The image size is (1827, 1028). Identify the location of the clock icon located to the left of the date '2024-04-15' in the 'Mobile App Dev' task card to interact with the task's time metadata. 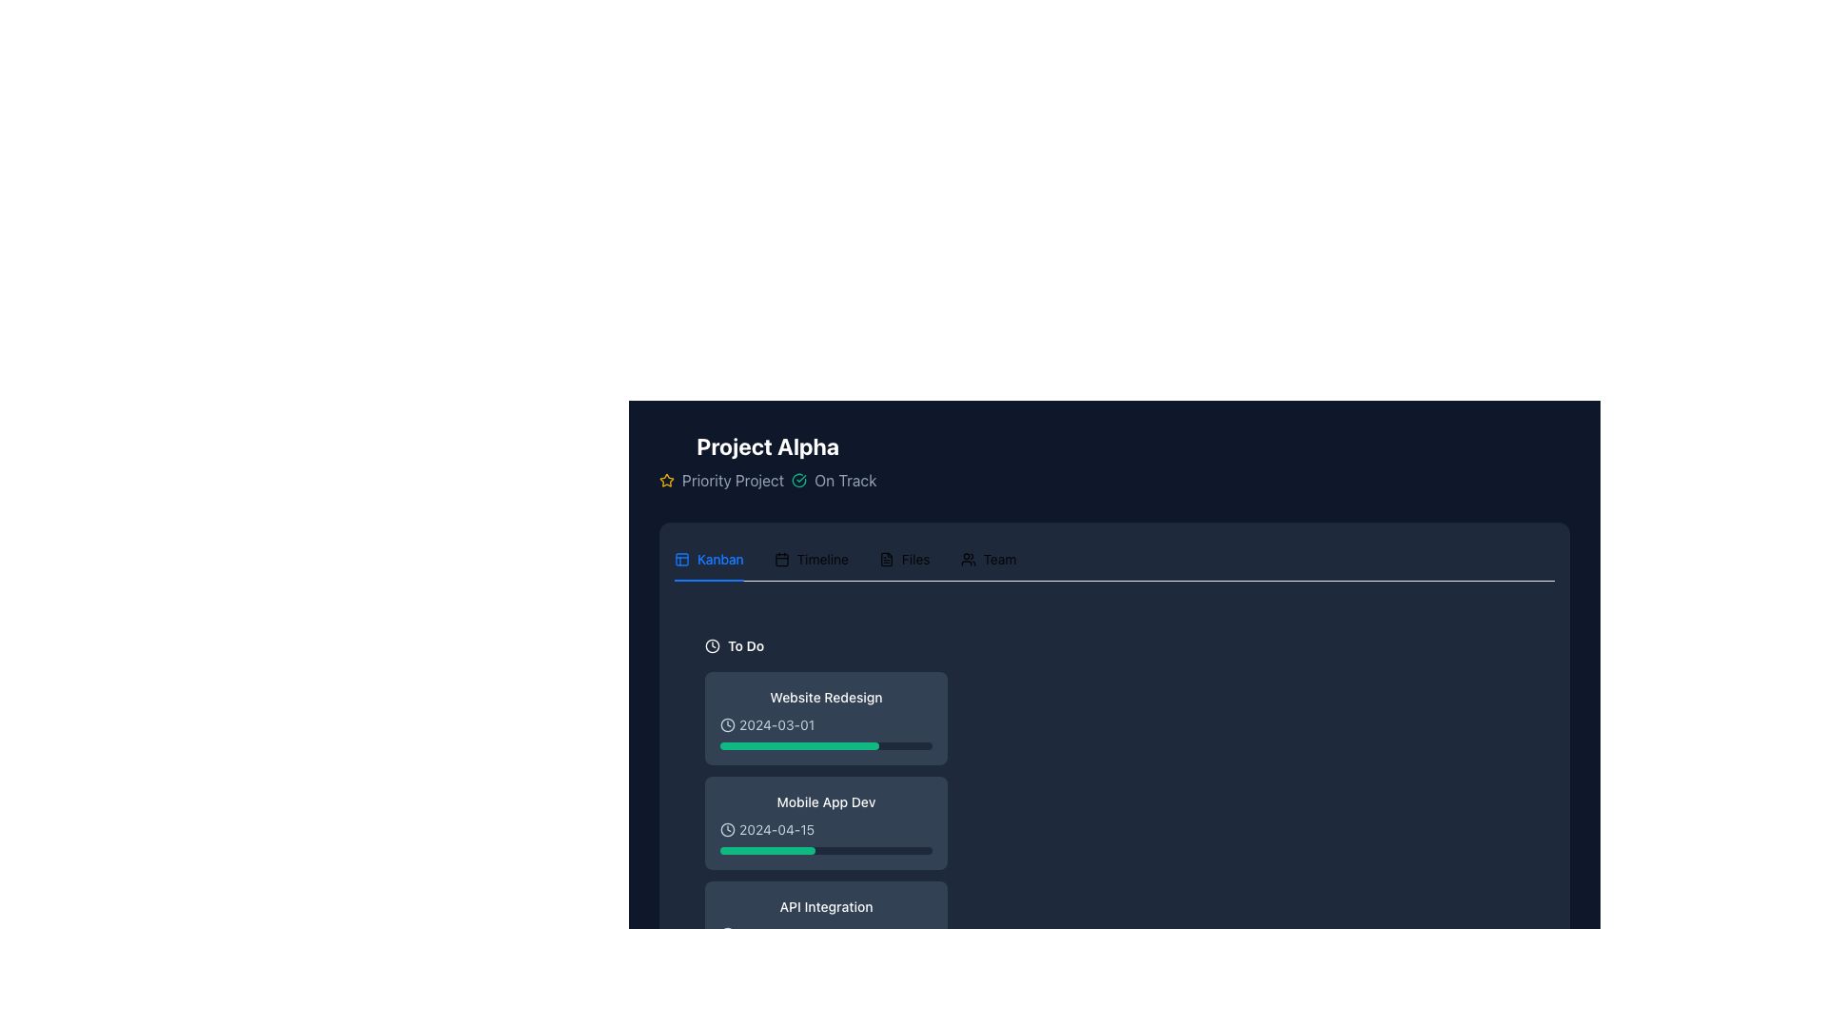
(726, 828).